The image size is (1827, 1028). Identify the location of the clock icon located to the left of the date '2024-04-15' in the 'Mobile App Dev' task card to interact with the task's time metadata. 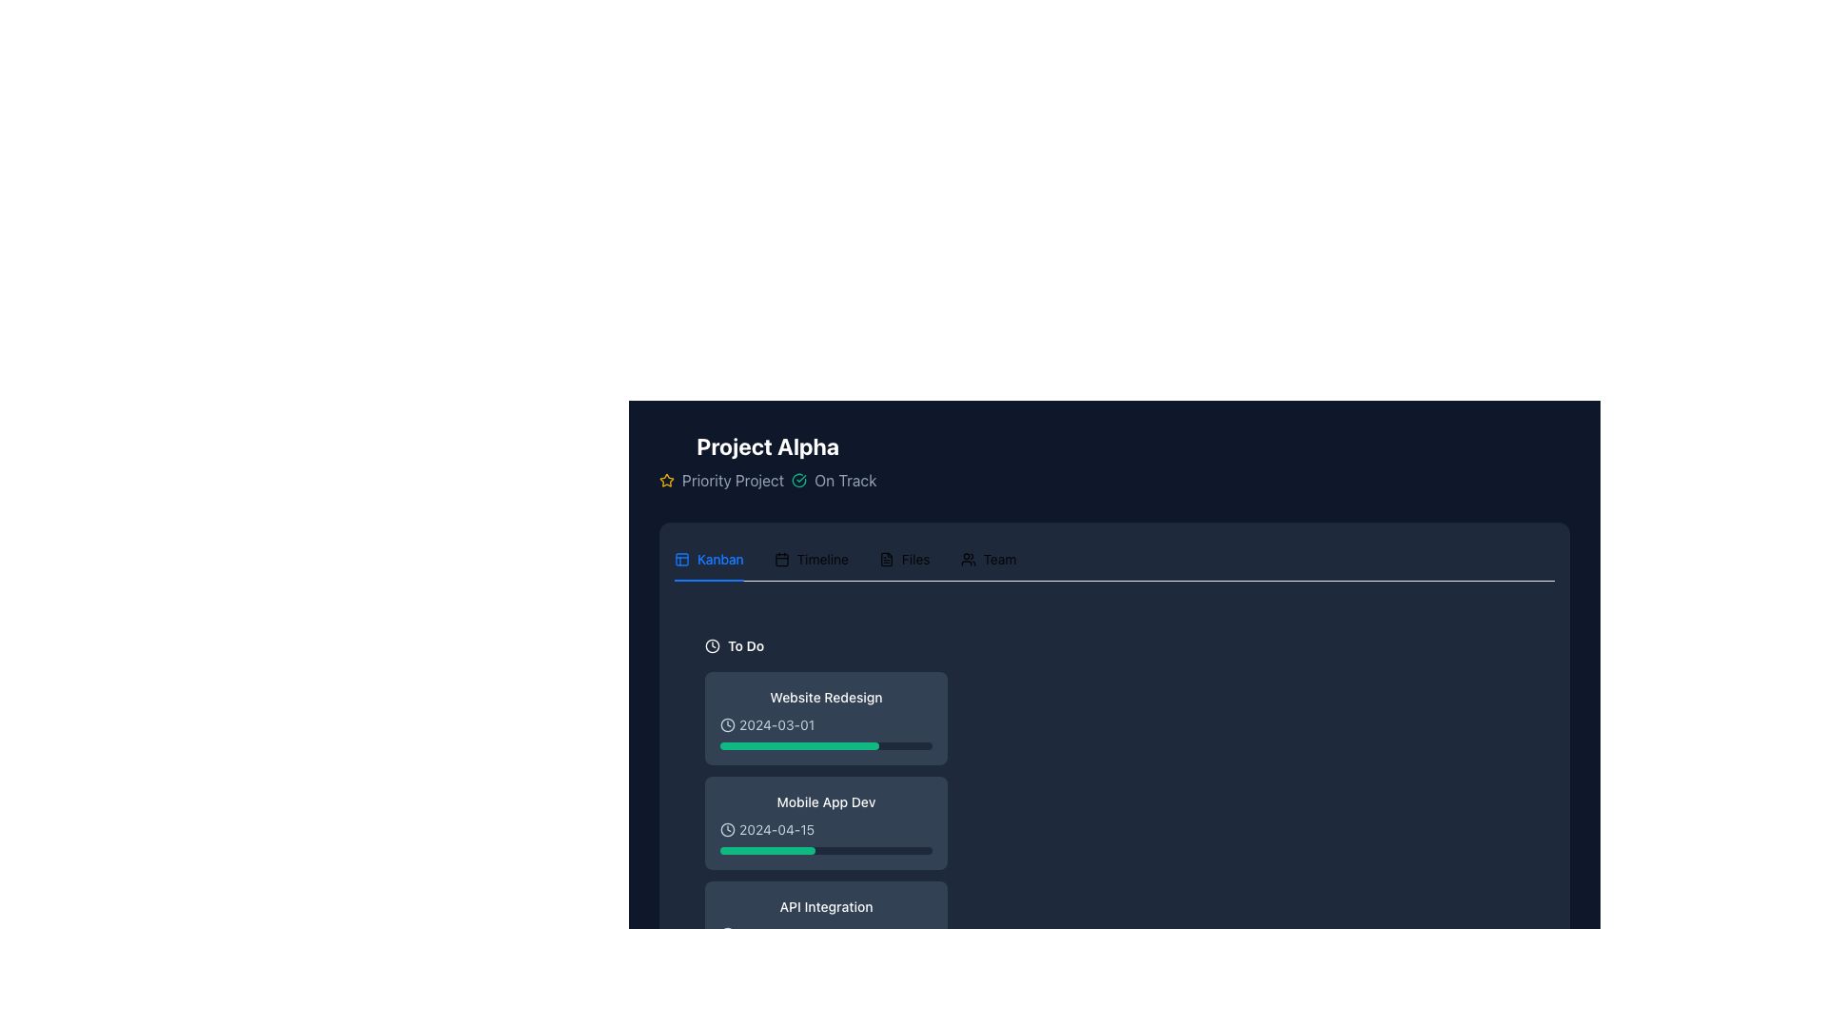
(726, 828).